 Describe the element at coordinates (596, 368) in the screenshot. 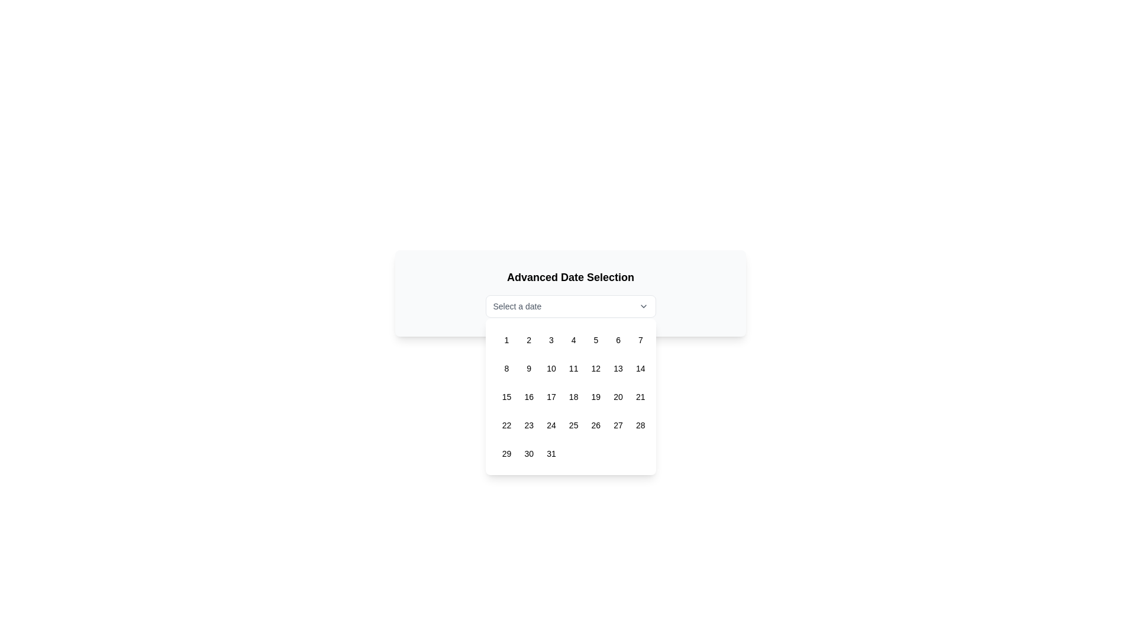

I see `the button representing the date '12' in the calendar` at that location.